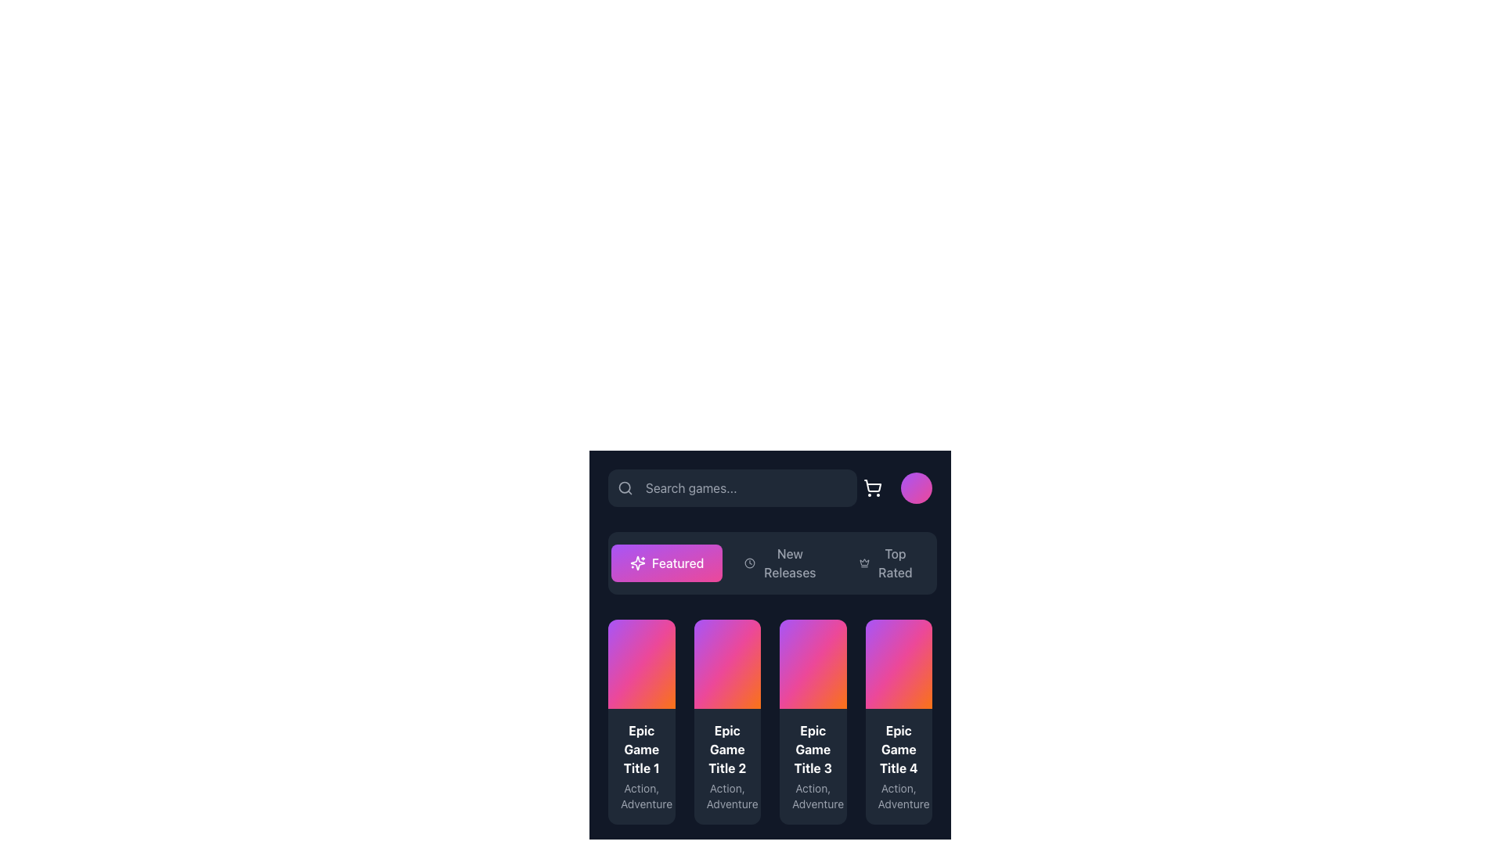  What do you see at coordinates (899, 736) in the screenshot?
I see `text label 'Action, Adventure' located in the bottom section of the fourth card, which is styled with a small font size and gray color, positioned centrally below the title 'Epic Game Title 4'` at bounding box center [899, 736].